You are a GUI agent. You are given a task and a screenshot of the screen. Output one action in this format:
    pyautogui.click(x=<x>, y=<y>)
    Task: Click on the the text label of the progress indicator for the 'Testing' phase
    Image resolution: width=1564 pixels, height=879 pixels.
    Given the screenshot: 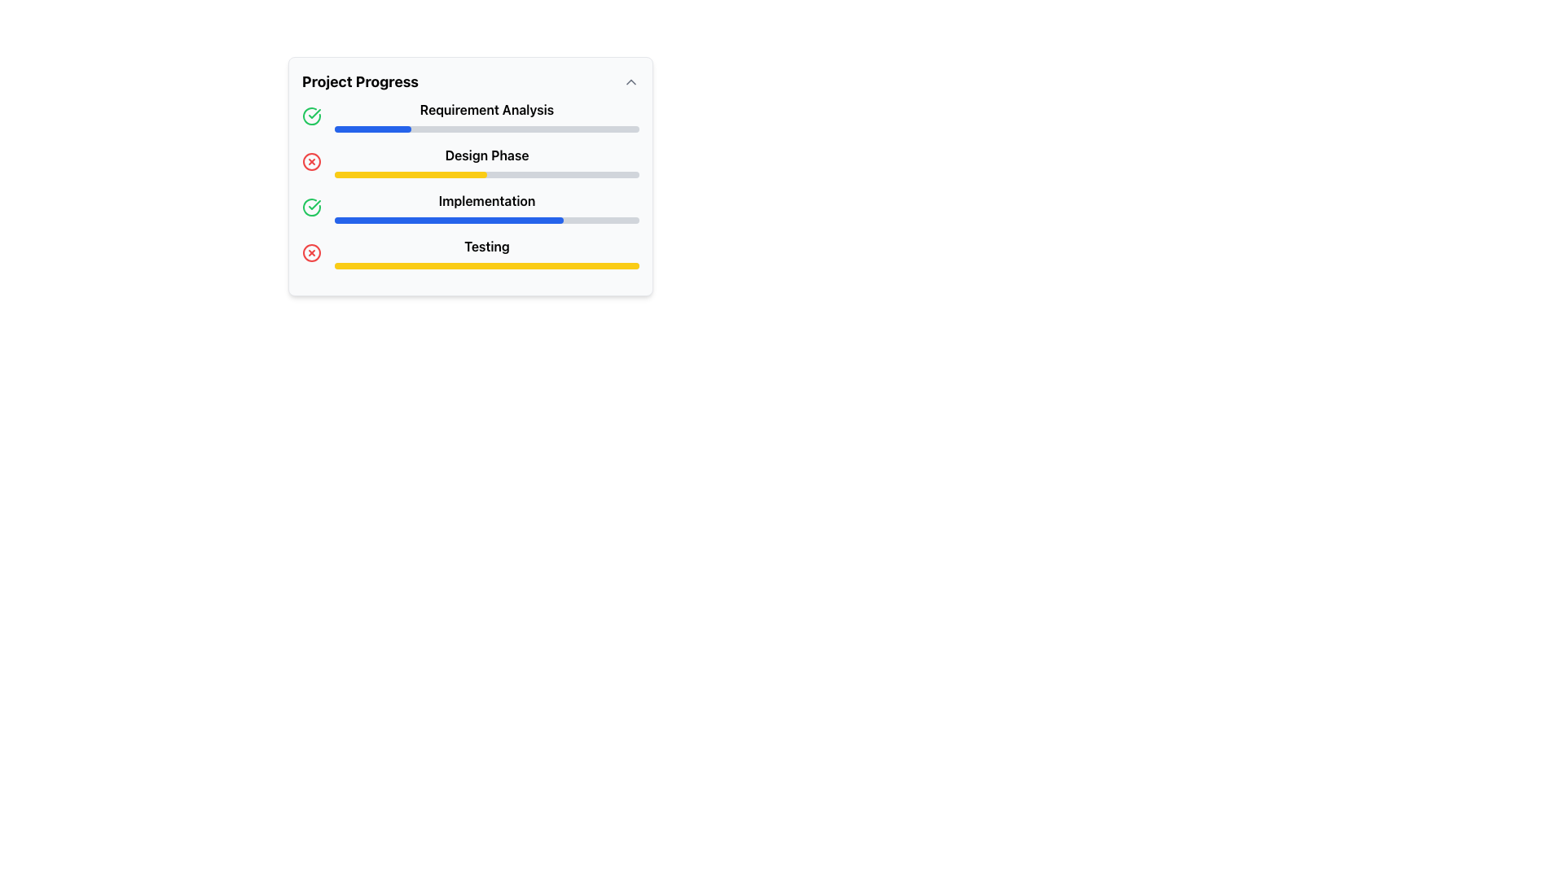 What is the action you would take?
    pyautogui.click(x=486, y=253)
    